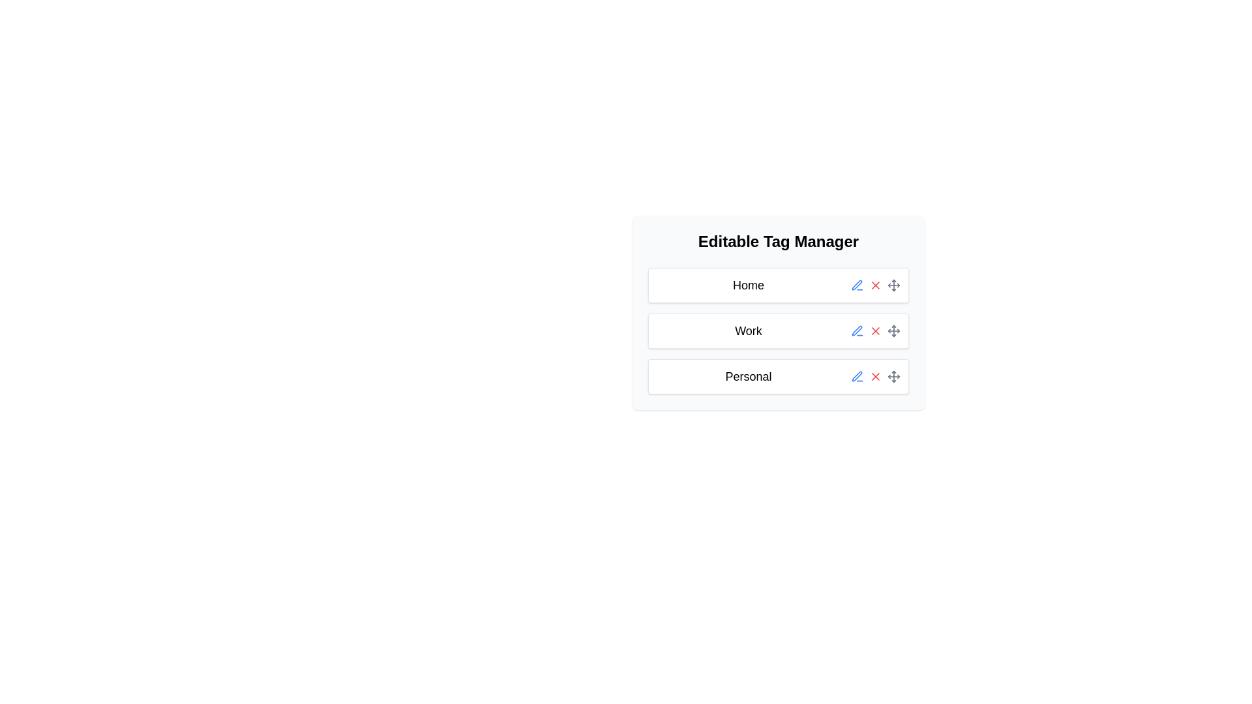 The width and height of the screenshot is (1252, 704). Describe the element at coordinates (876, 285) in the screenshot. I see `the delete icon (cross or X shape) associated with the 'Home' tag` at that location.